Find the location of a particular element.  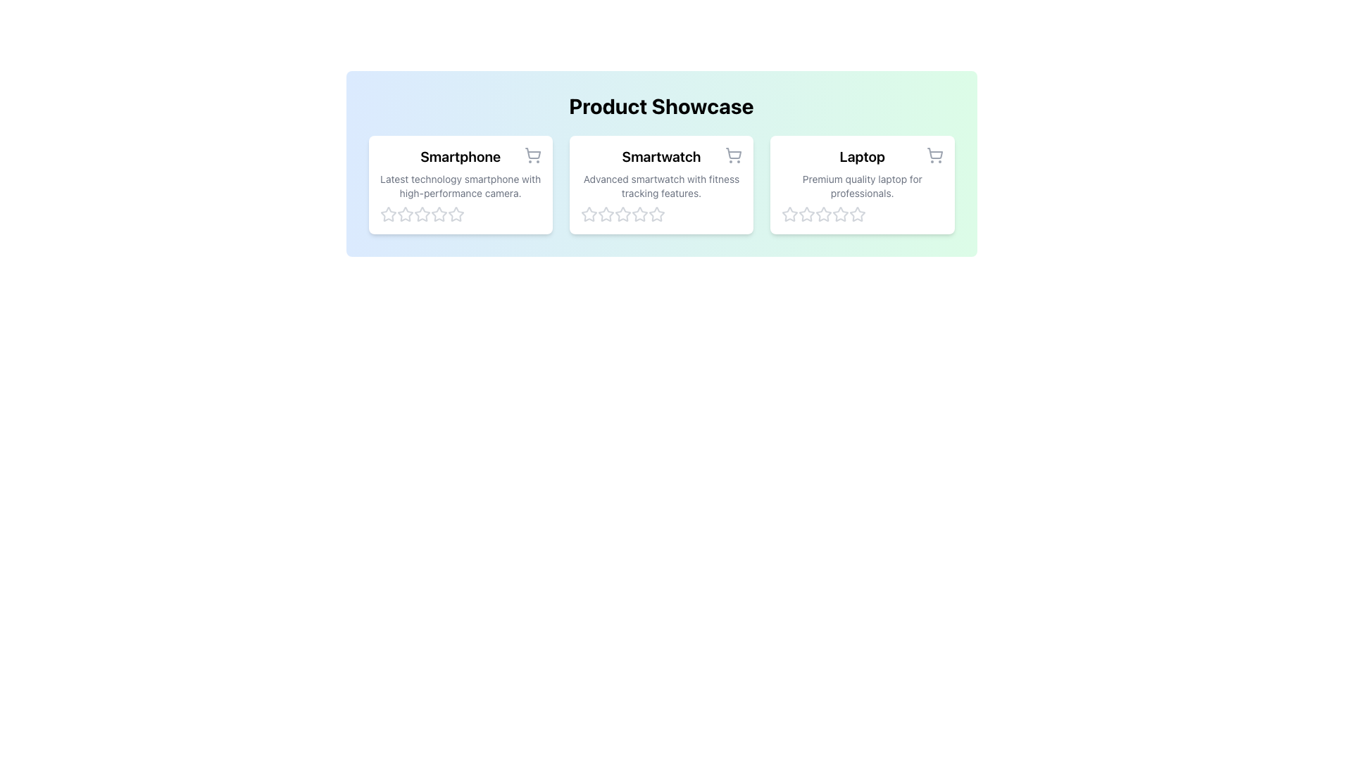

the second star icon in the horizontal row of five stars beneath the 'Smartwatch' card is located at coordinates (589, 214).